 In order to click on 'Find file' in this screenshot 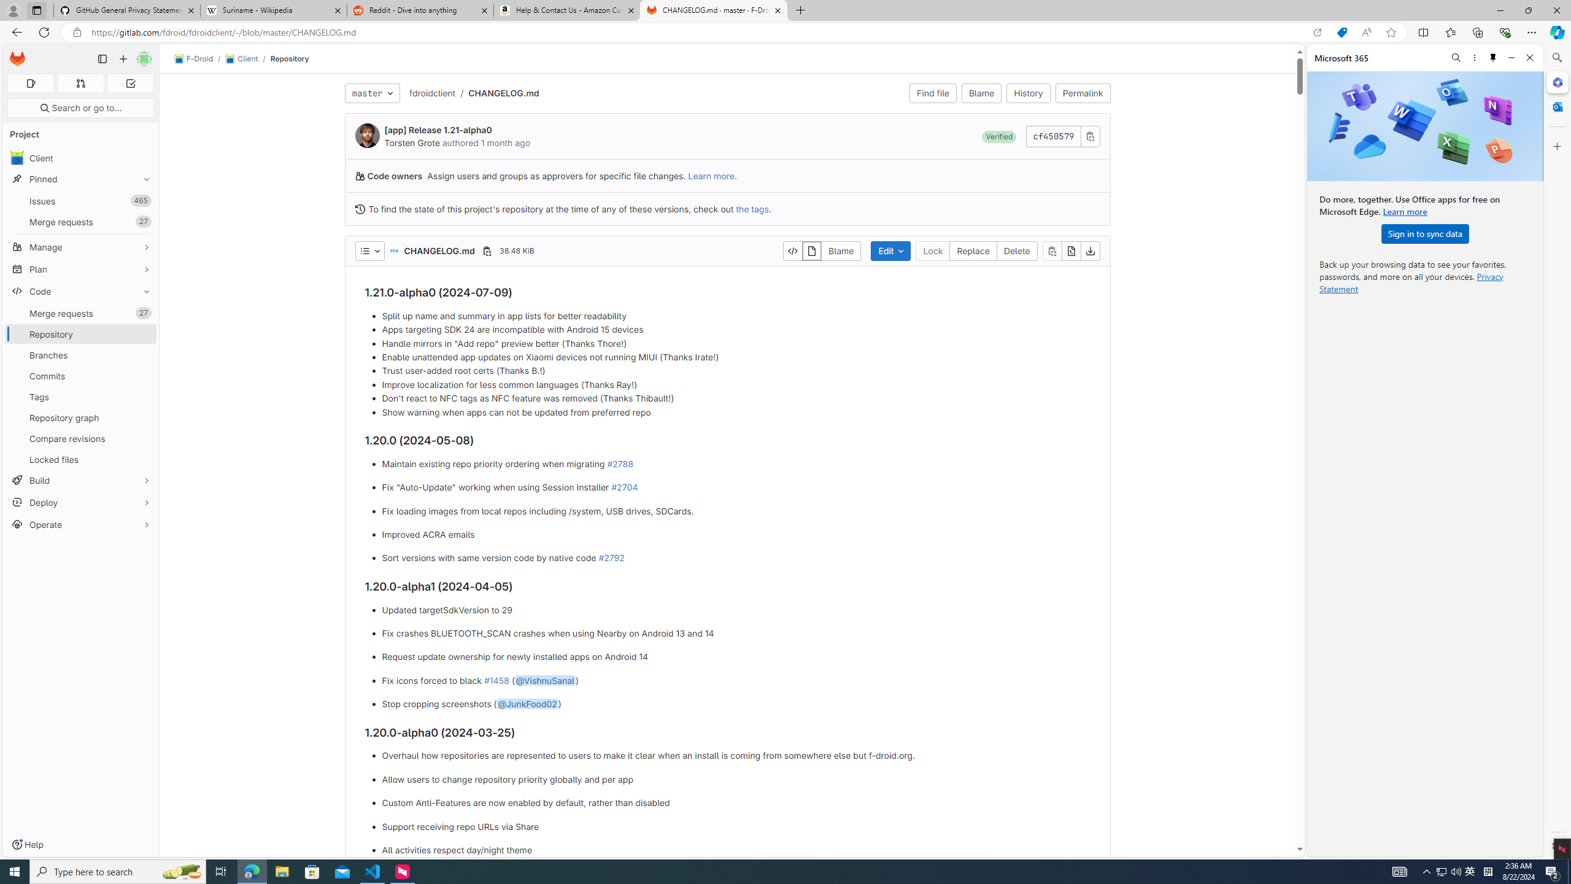, I will do `click(933, 92)`.